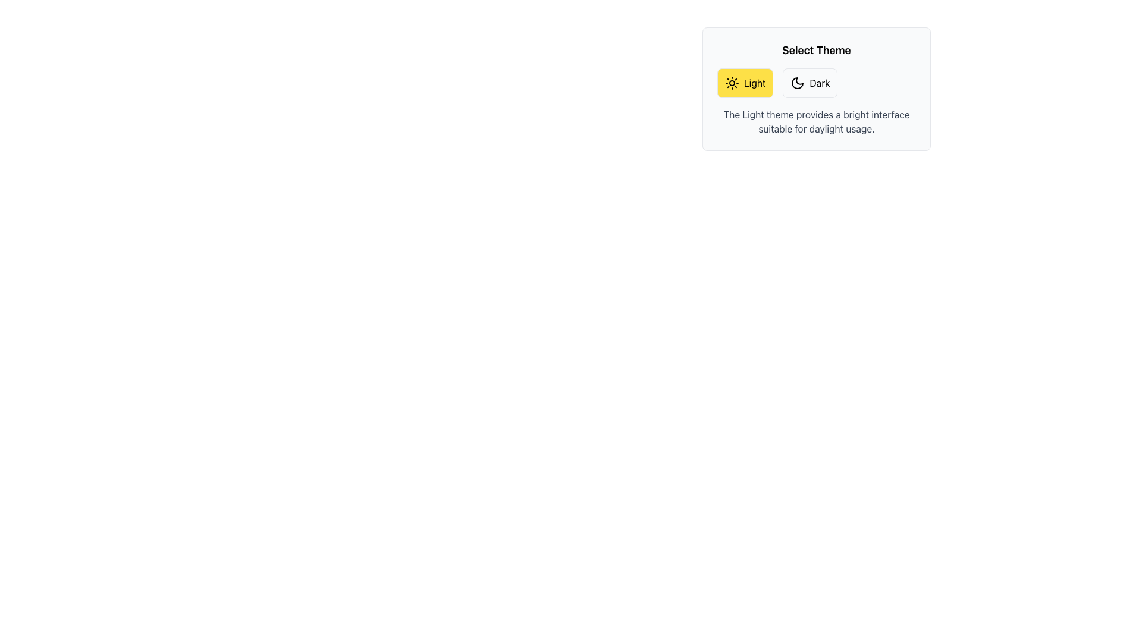 Image resolution: width=1142 pixels, height=642 pixels. Describe the element at coordinates (798, 82) in the screenshot. I see `the crescent moon icon located to the left of the 'Dark' text label within the button structure on the right side of the theme selection interface` at that location.